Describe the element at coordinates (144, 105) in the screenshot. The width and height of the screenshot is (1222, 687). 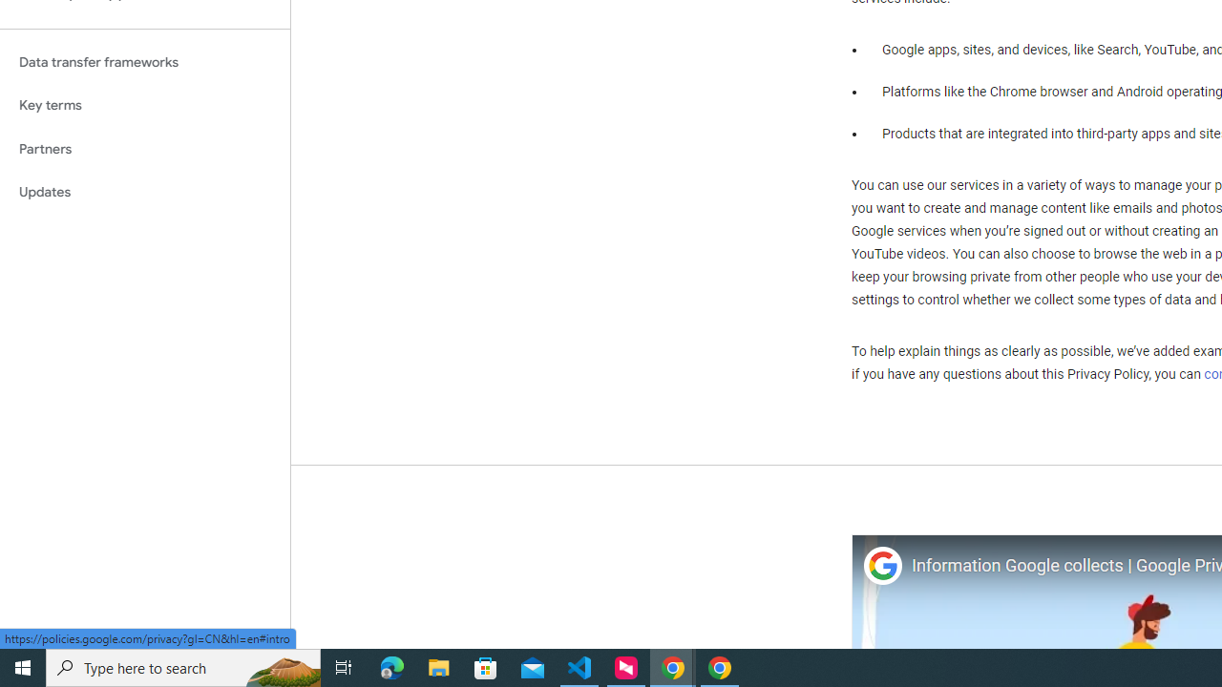
I see `'Key terms'` at that location.